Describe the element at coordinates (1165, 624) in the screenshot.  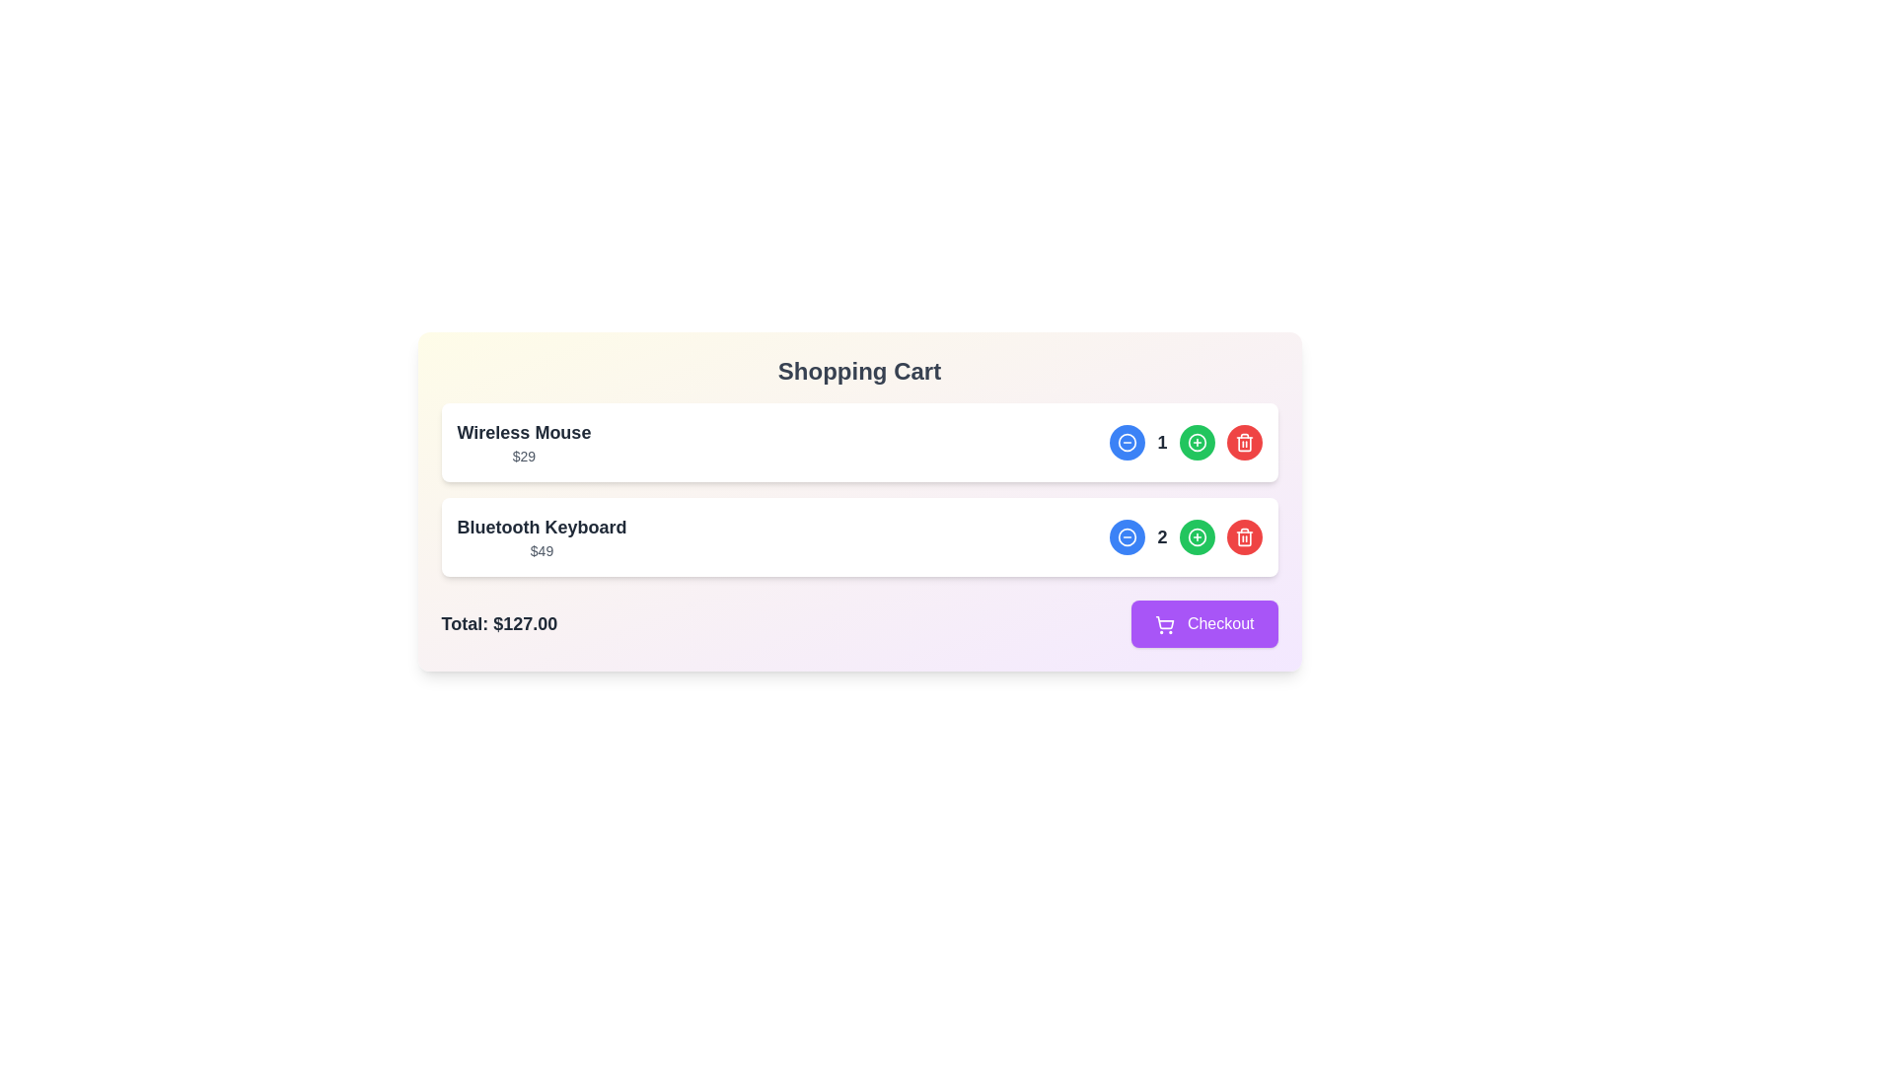
I see `the shopping cart icon, which is the leftmost item inside the purple 'Checkout' button located at the bottom-right corner` at that location.